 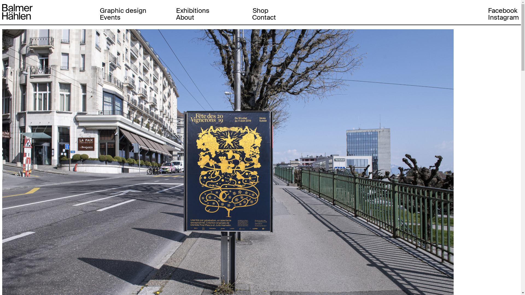 What do you see at coordinates (252, 17) in the screenshot?
I see `'Contact'` at bounding box center [252, 17].